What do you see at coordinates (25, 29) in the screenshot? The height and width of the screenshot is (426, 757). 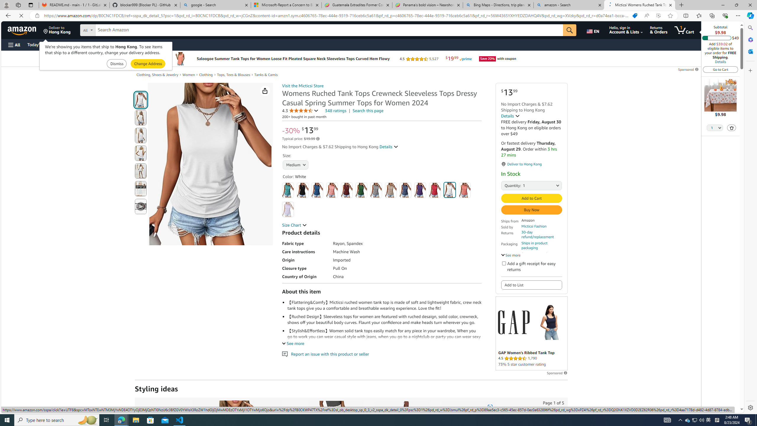 I see `'Skip to main content'` at bounding box center [25, 29].